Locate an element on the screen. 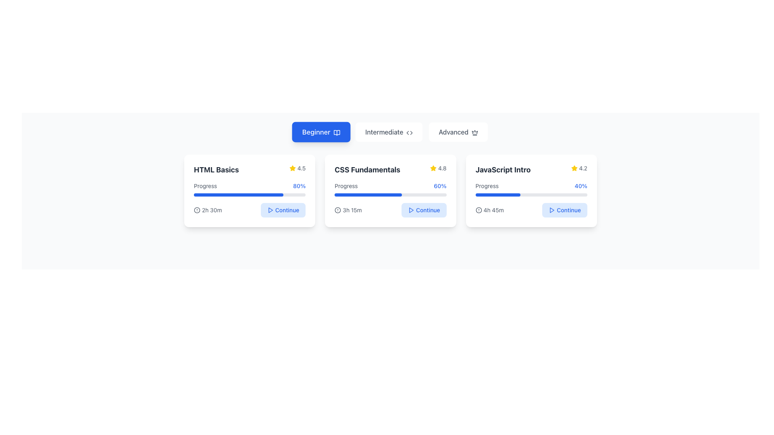 The height and width of the screenshot is (435, 774). the 'play/continue' icon located within the 'Continue' button under the 'CSS Fundamentals' card is located at coordinates (411, 209).